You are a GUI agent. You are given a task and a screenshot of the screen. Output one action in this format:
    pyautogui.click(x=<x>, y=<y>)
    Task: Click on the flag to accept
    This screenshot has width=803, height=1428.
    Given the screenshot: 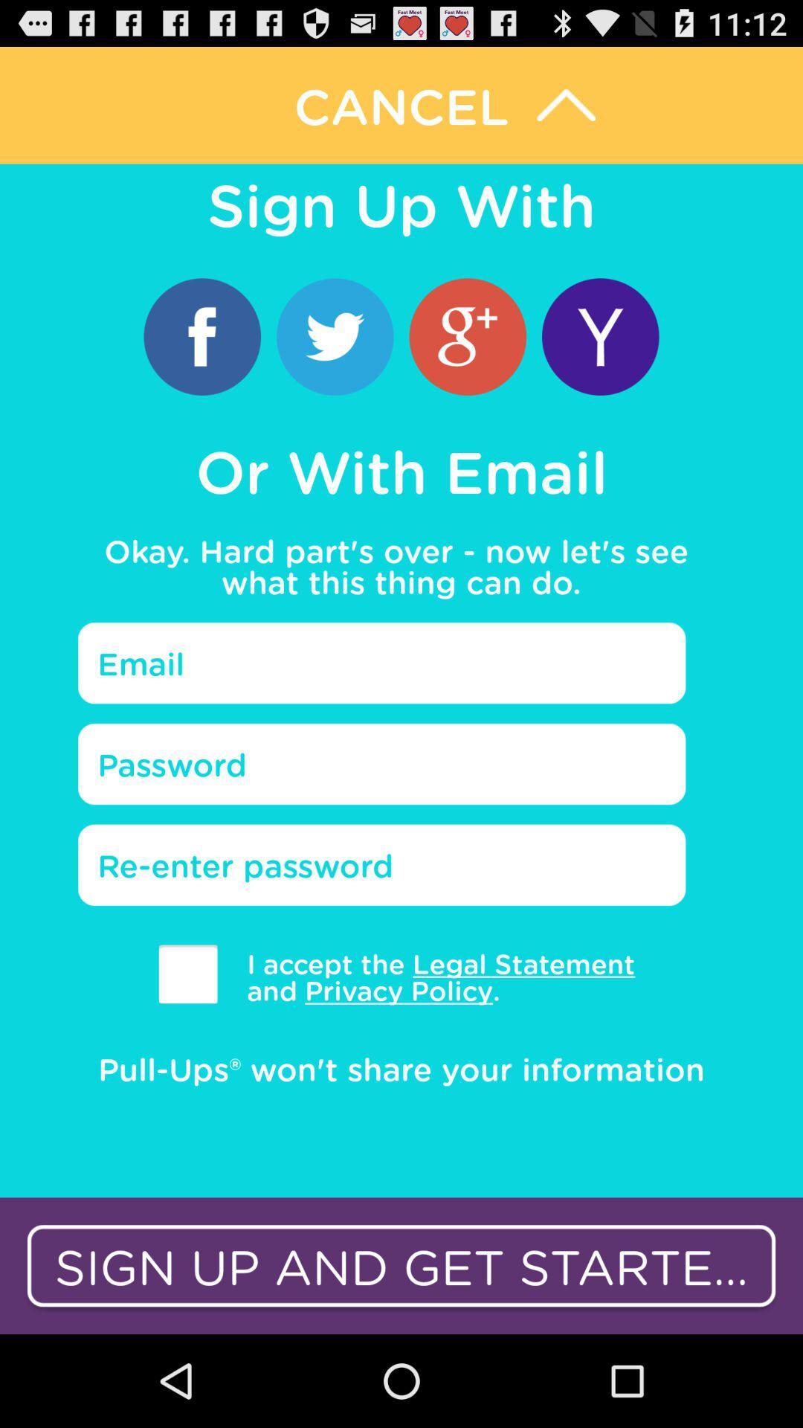 What is the action you would take?
    pyautogui.click(x=187, y=974)
    